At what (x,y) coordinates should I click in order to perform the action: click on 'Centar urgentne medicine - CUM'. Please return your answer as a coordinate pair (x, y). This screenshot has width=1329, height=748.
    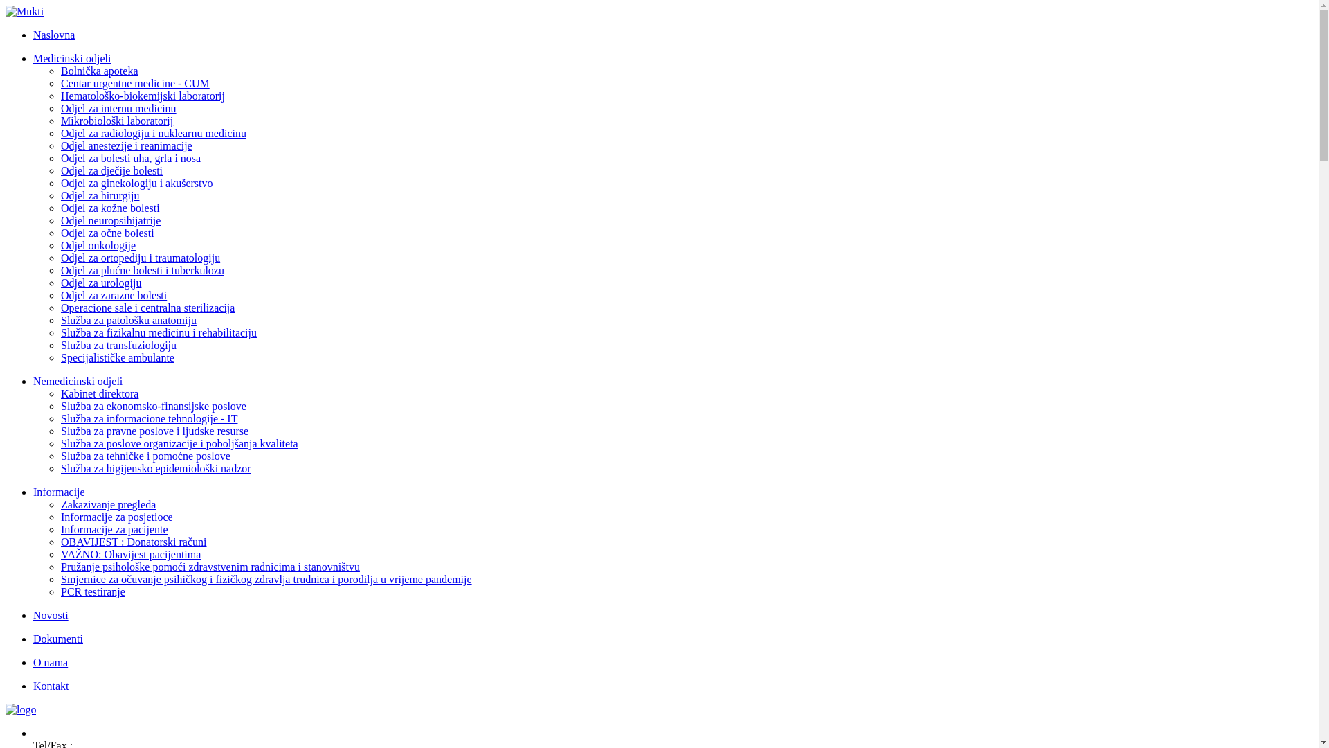
    Looking at the image, I should click on (135, 83).